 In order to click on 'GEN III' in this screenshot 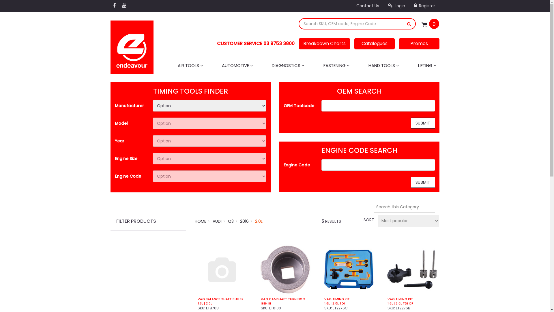, I will do `click(285, 303)`.